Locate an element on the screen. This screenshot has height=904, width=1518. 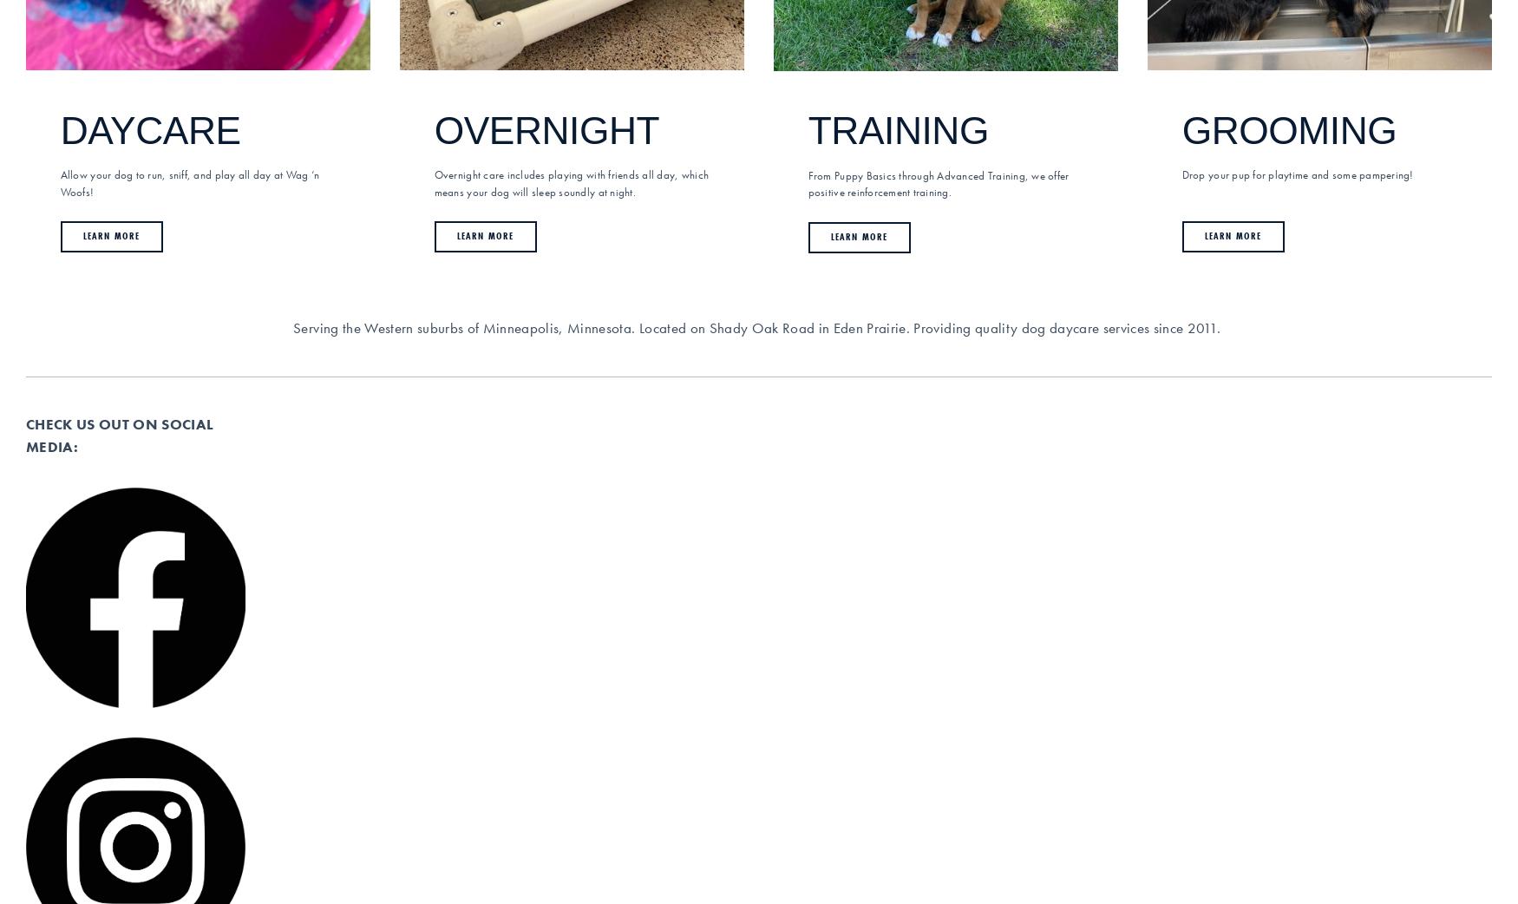
'Allow your dog to run, sniff, and play all day at Wag ‘n Woofs!' is located at coordinates (59, 182).